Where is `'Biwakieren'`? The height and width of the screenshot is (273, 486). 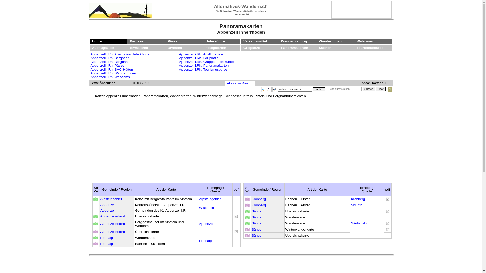
'Biwakieren' is located at coordinates (139, 48).